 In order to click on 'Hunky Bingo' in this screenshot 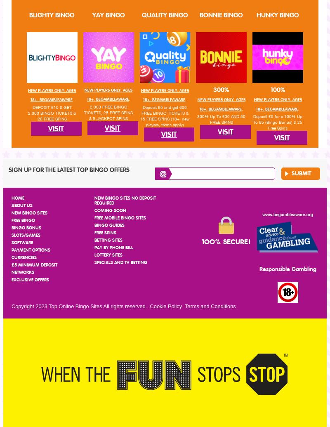, I will do `click(278, 15)`.